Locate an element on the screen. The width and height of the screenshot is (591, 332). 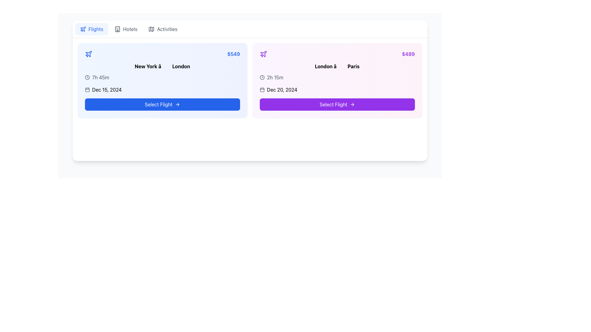
the navigational button located in the horizontal layout of three buttons, specifically the second button that directs users to the hotels section is located at coordinates (125, 29).